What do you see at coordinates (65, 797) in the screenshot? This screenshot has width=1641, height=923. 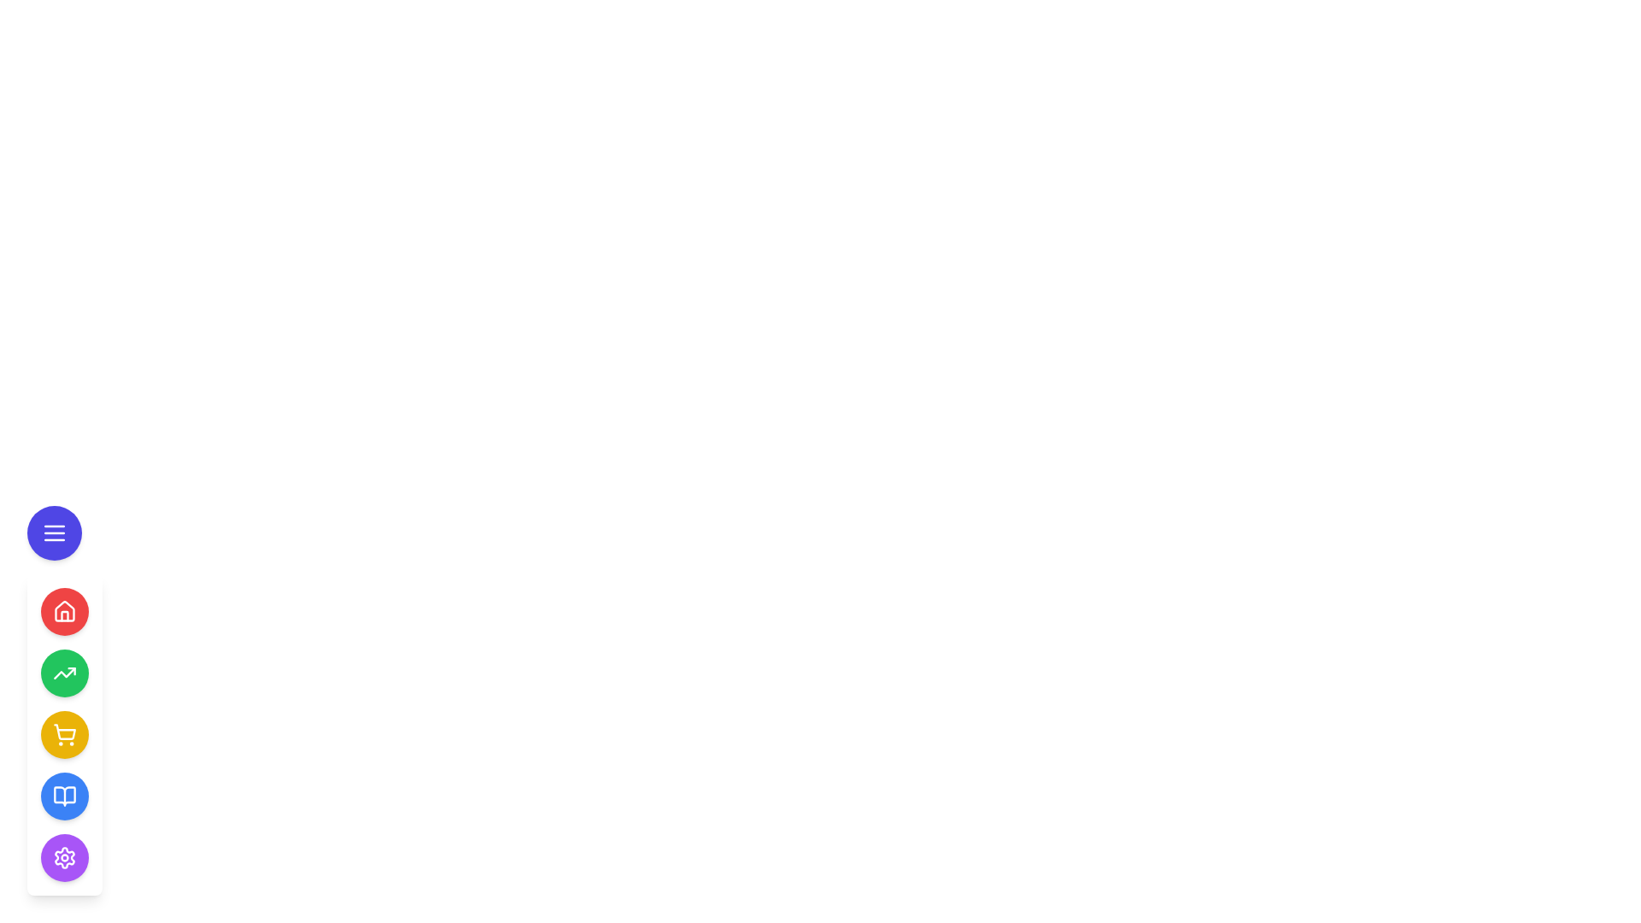 I see `the fifth icon in the vertical row of six circular buttons on the left side of the interface, which is centered inside a blue circular button` at bounding box center [65, 797].